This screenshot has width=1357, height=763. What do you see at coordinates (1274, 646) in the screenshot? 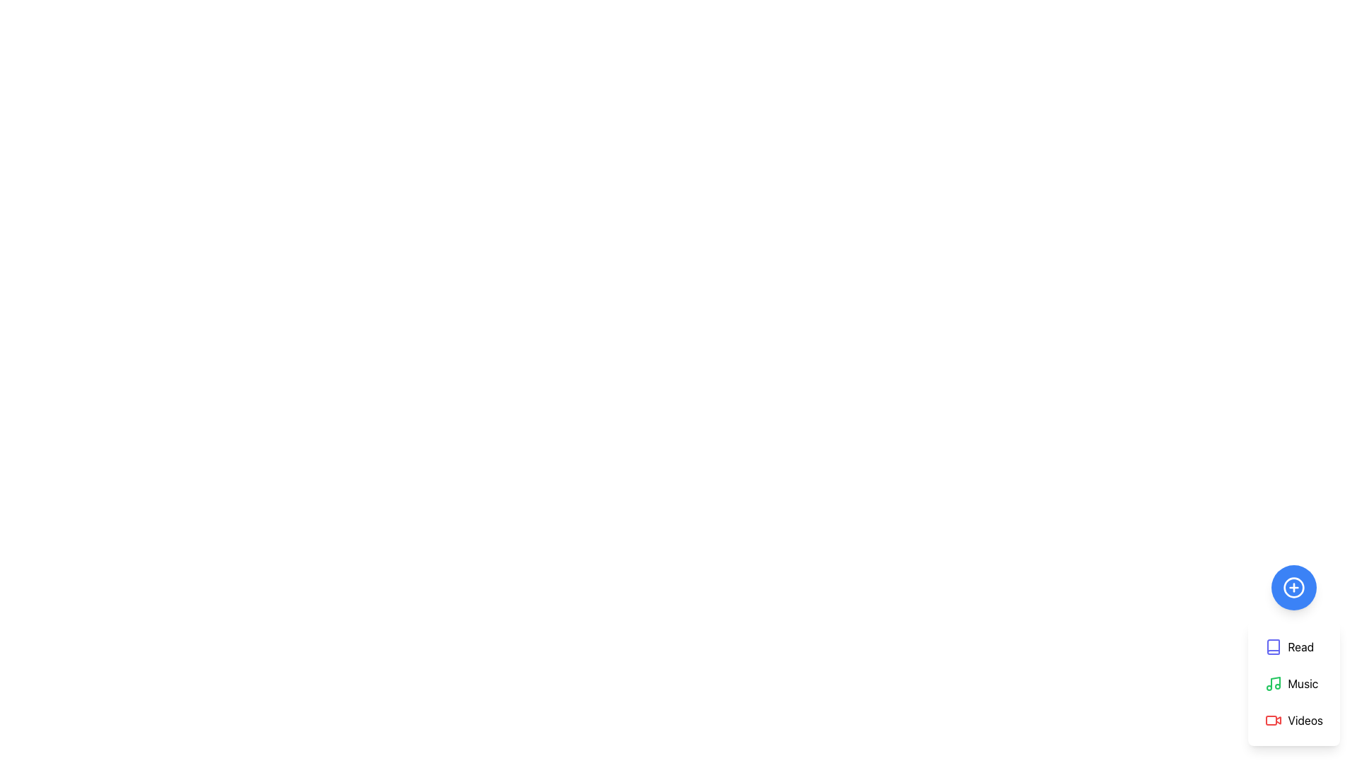
I see `the 'Read' icon located at the top of the vertical menu column, visually associated with the 'Read' text label` at bounding box center [1274, 646].